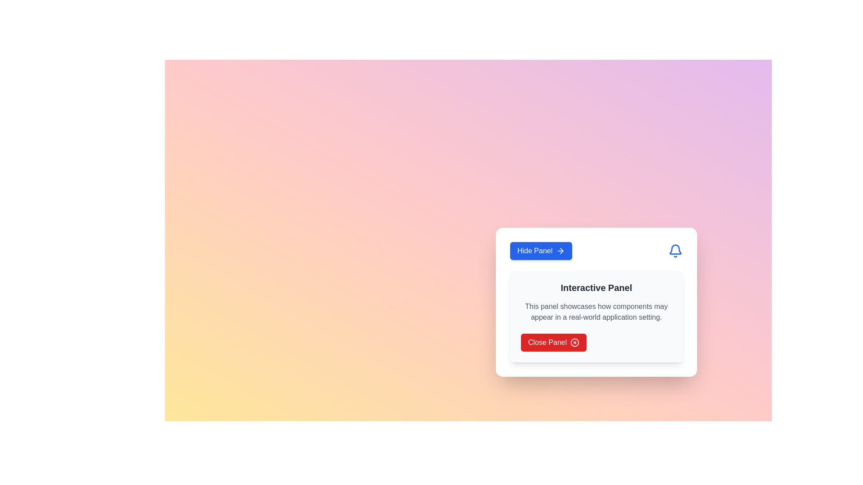 The height and width of the screenshot is (485, 863). Describe the element at coordinates (574, 343) in the screenshot. I see `the 'Close Panel' icon located at the bottom central section of the interactive panel layout to visualize tooltips if applicable` at that location.